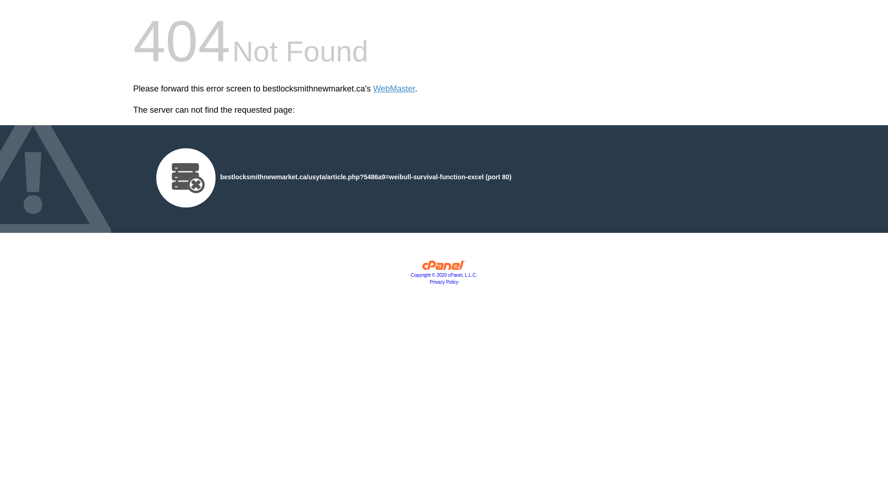 The image size is (888, 499). Describe the element at coordinates (444, 267) in the screenshot. I see `'cPanel, Inc.'` at that location.